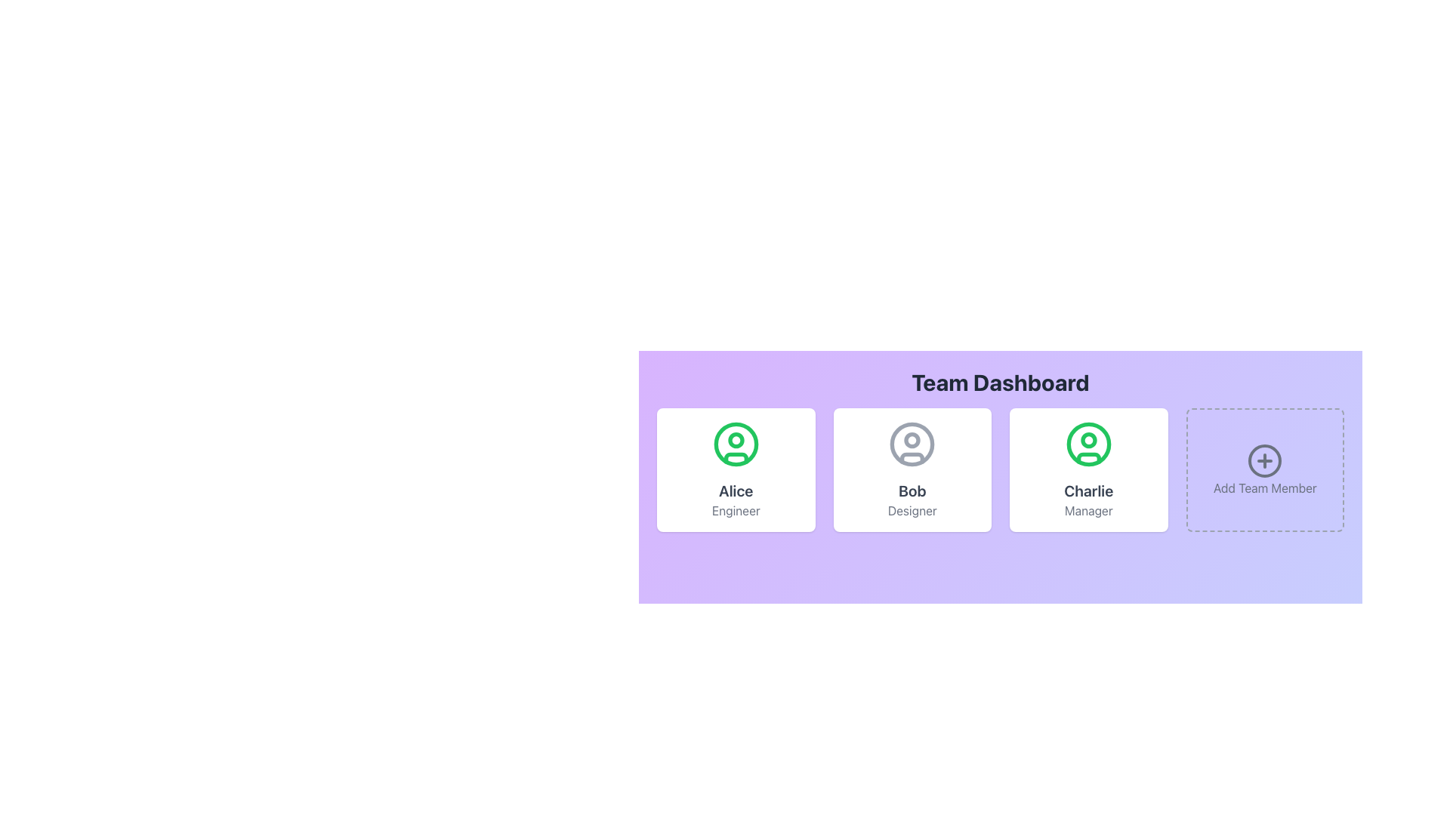 Image resolution: width=1450 pixels, height=815 pixels. What do you see at coordinates (736, 469) in the screenshot?
I see `the Profile Card which is a white square card with rounded corners containing a green user icon at the top, the name 'Alice' in bold, and the role 'Engineer' in smaller gray font` at bounding box center [736, 469].